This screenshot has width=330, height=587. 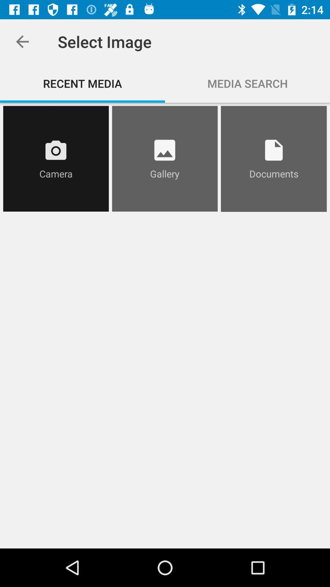 I want to click on the icon above recent media, so click(x=22, y=41).